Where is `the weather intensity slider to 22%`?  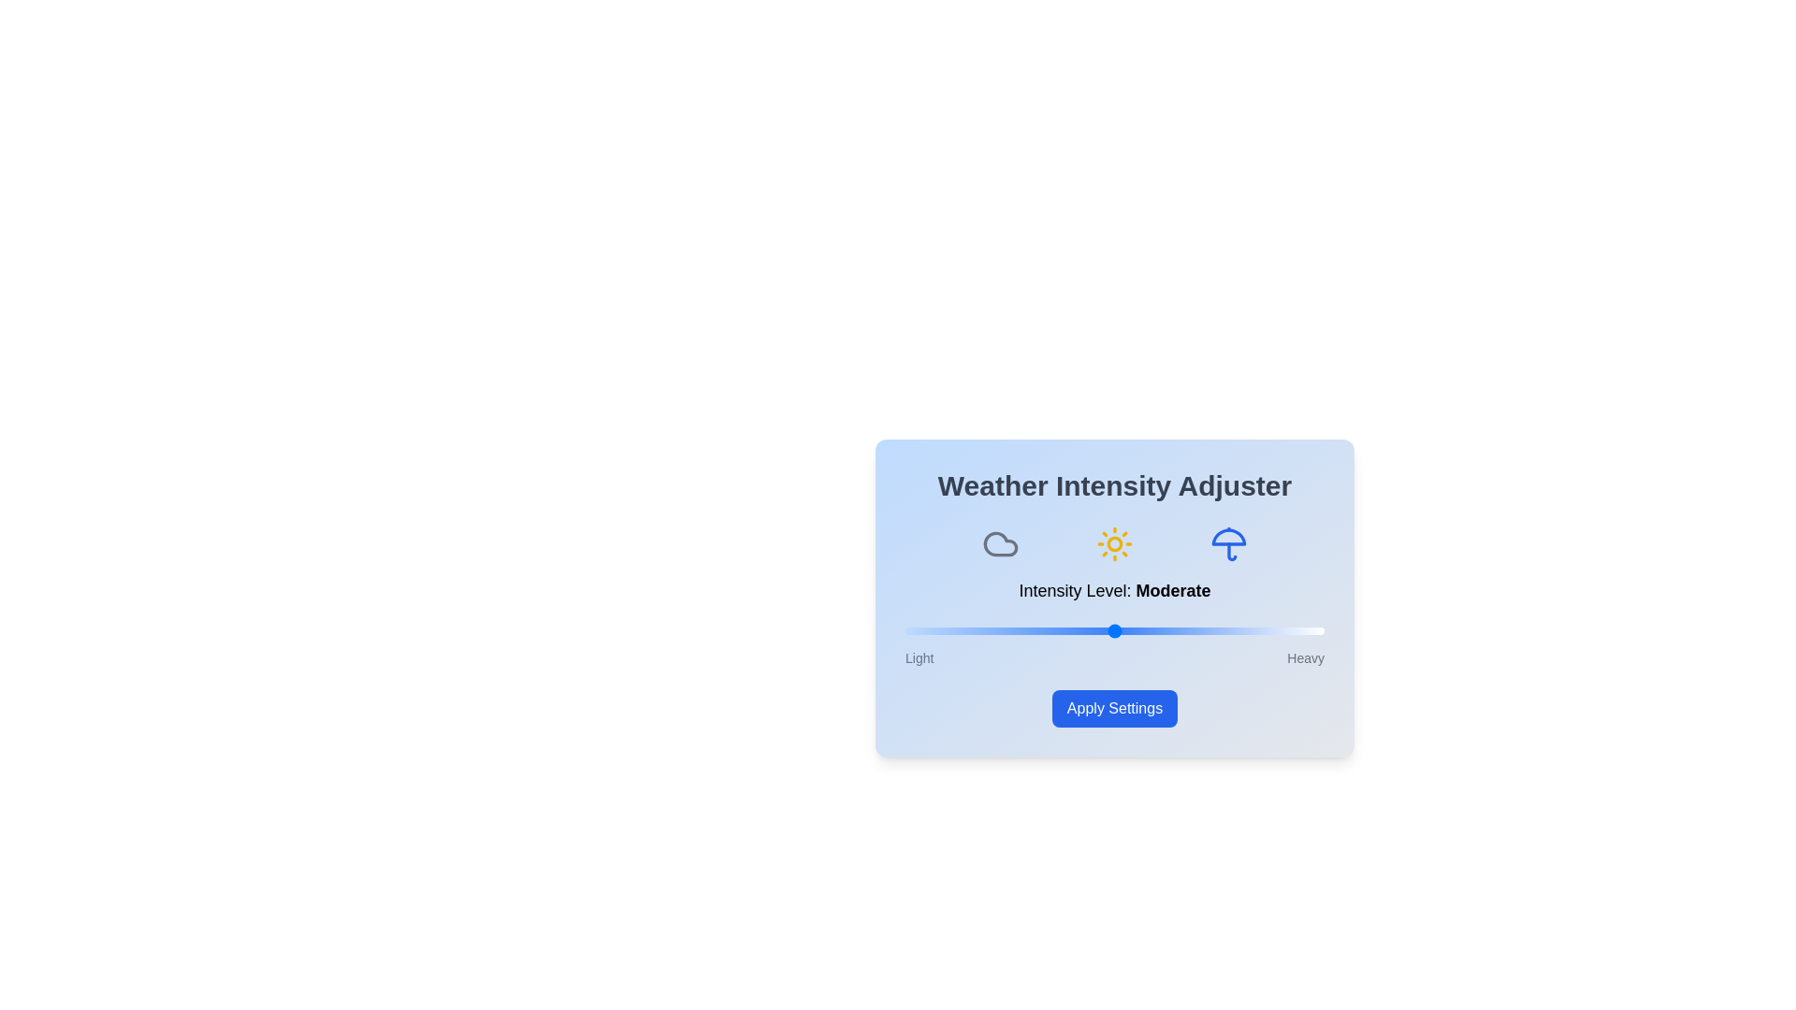 the weather intensity slider to 22% is located at coordinates (996, 631).